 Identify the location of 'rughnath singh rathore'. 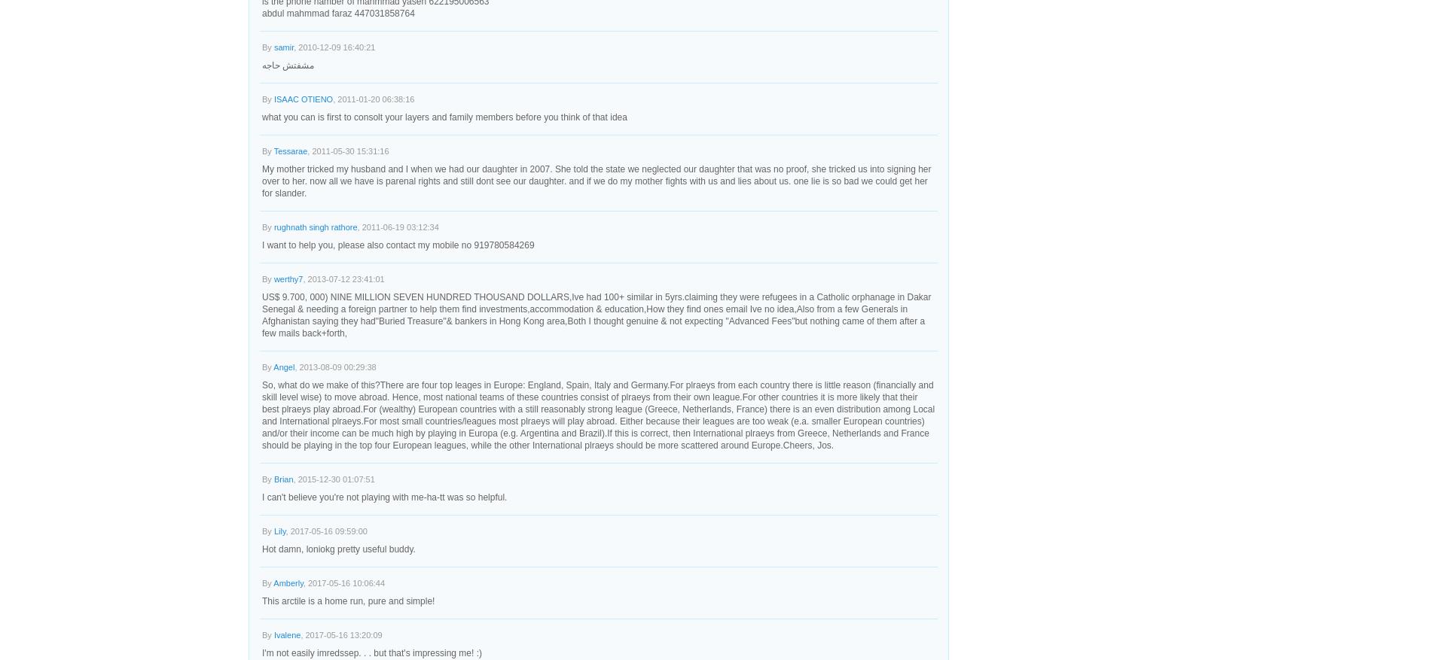
(314, 227).